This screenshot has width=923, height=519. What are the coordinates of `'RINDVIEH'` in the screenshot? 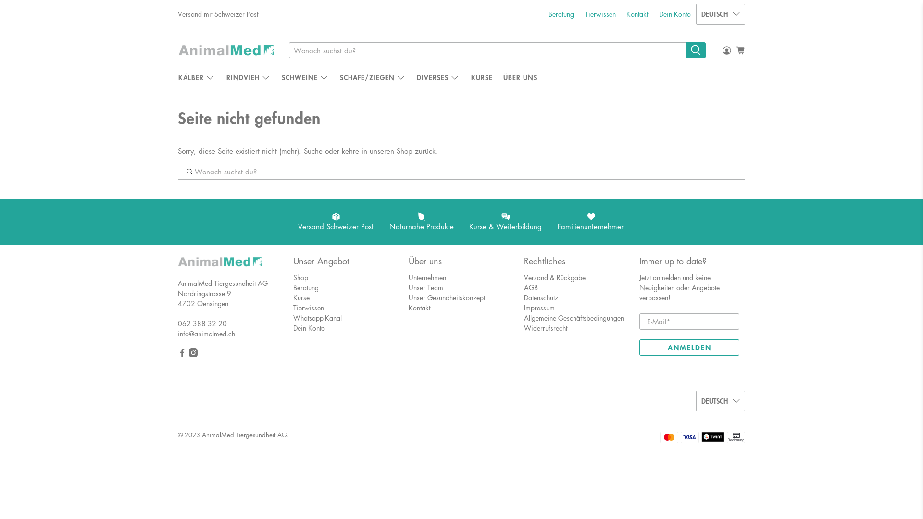 It's located at (248, 77).